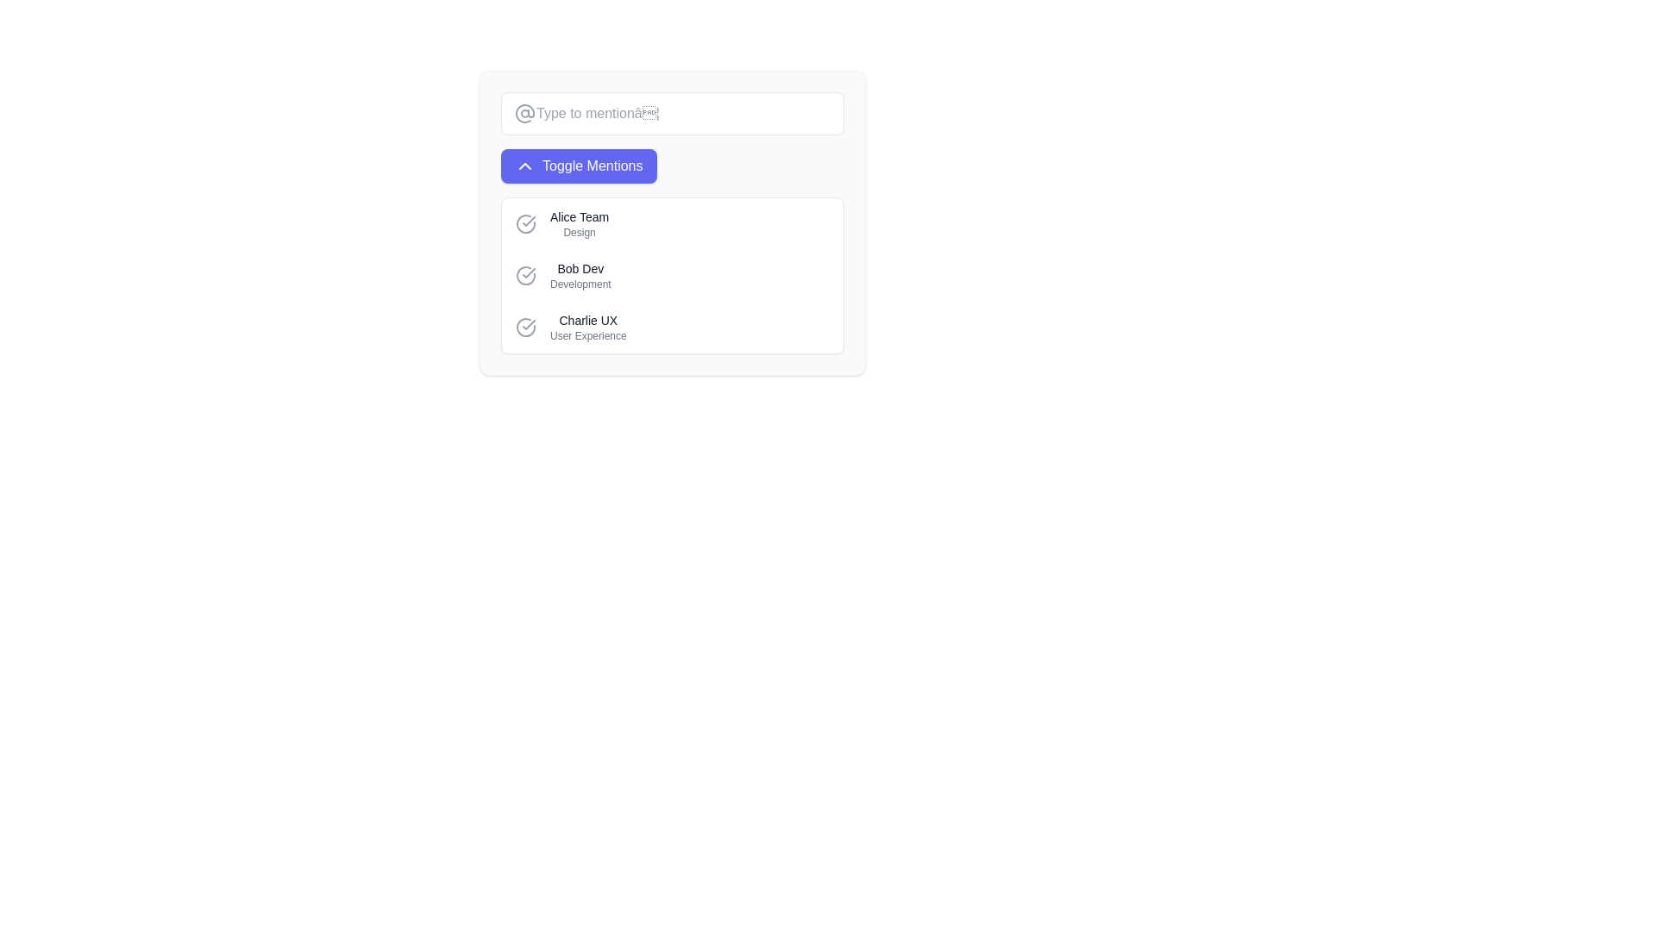 This screenshot has height=931, width=1656. What do you see at coordinates (579, 166) in the screenshot?
I see `the 'Toggle Mentions' button, which is a rectangular button with a white label on a purple background` at bounding box center [579, 166].